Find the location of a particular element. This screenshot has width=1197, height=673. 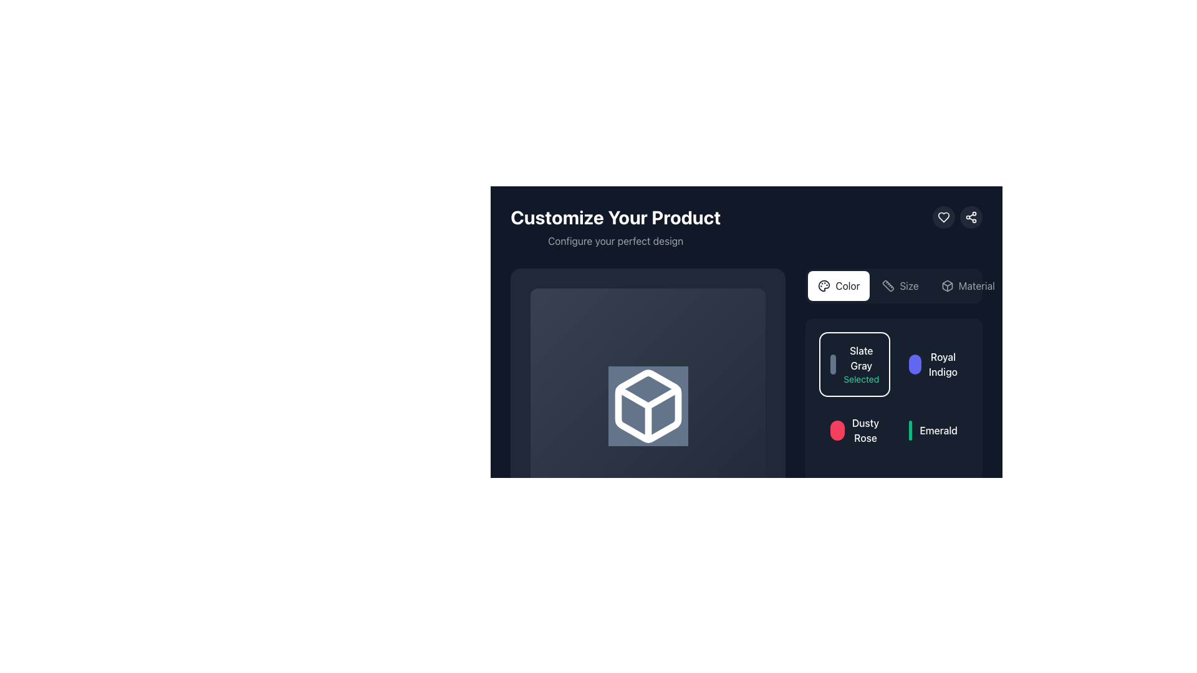

the Slate Gray color swatch, which is the top-most option in the vertical list of color selections on the right-side panel, to confirm the selection of this color is located at coordinates (854, 365).